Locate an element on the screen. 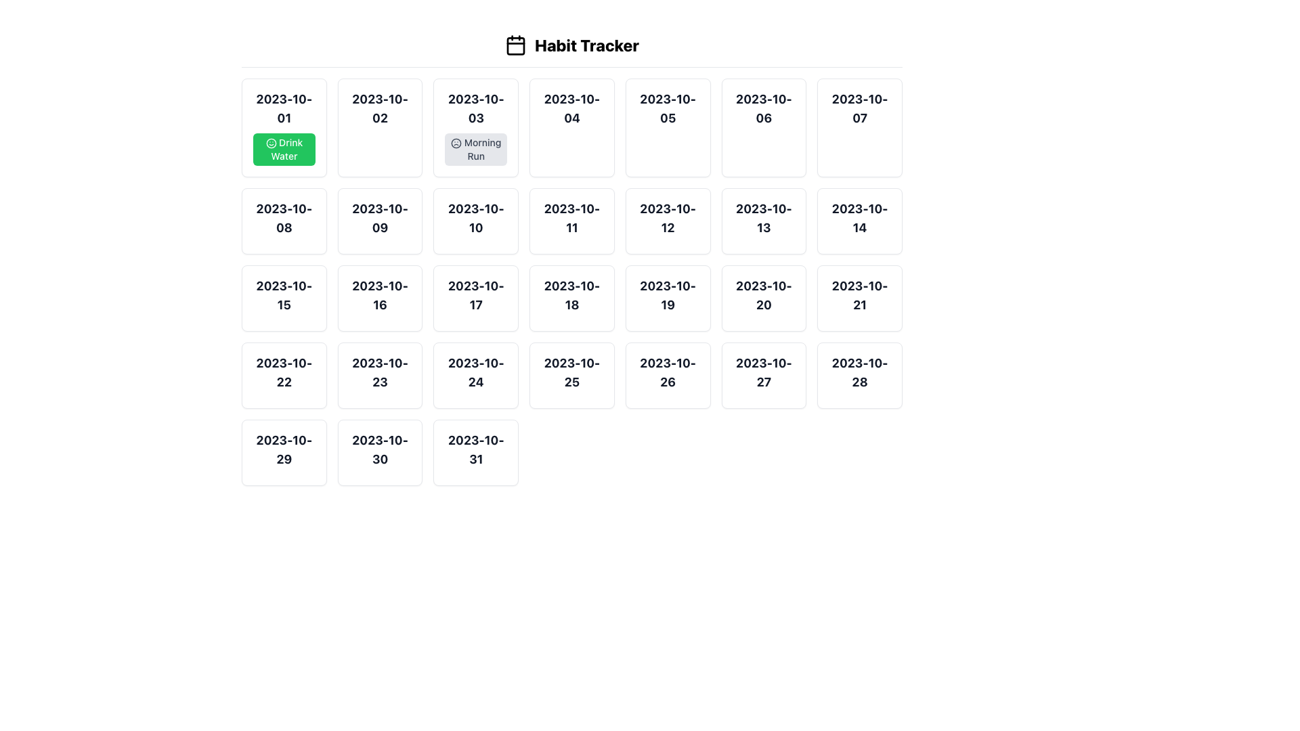  the List item in the grid representing the calendar day box for '2023-10-21', located at row 4, column 6 is located at coordinates (859, 297).